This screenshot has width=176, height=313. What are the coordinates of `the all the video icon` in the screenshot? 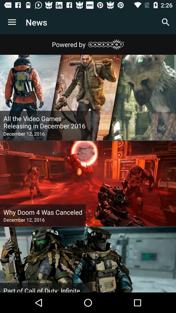 It's located at (46, 122).